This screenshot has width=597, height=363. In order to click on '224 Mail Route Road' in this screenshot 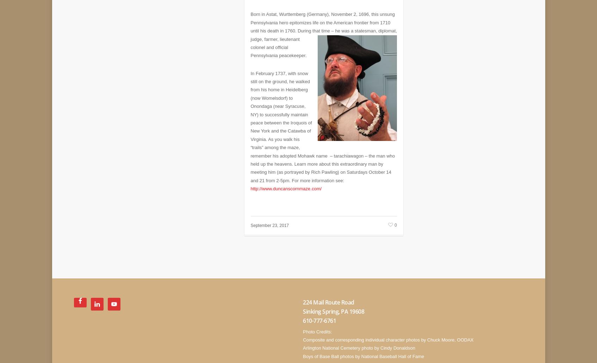, I will do `click(328, 296)`.